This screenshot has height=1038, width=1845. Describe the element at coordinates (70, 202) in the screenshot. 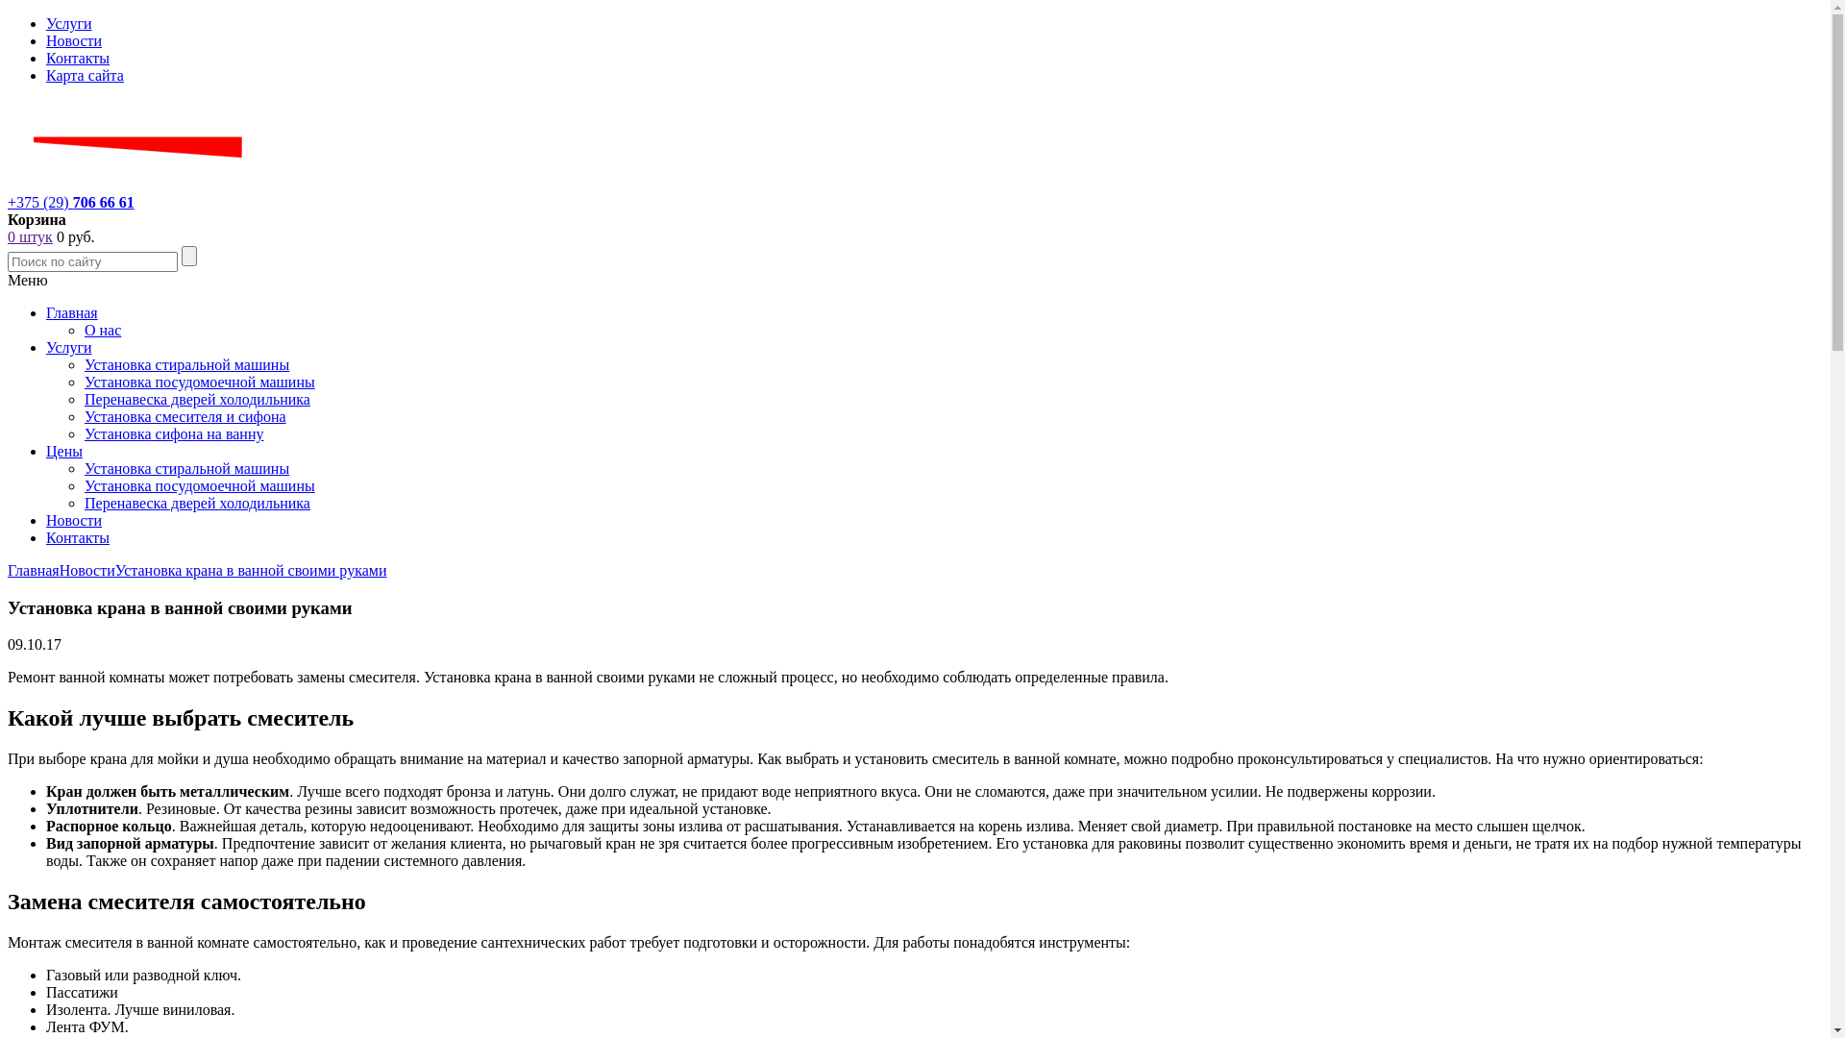

I see `'+375 (29) 706 66 61'` at that location.